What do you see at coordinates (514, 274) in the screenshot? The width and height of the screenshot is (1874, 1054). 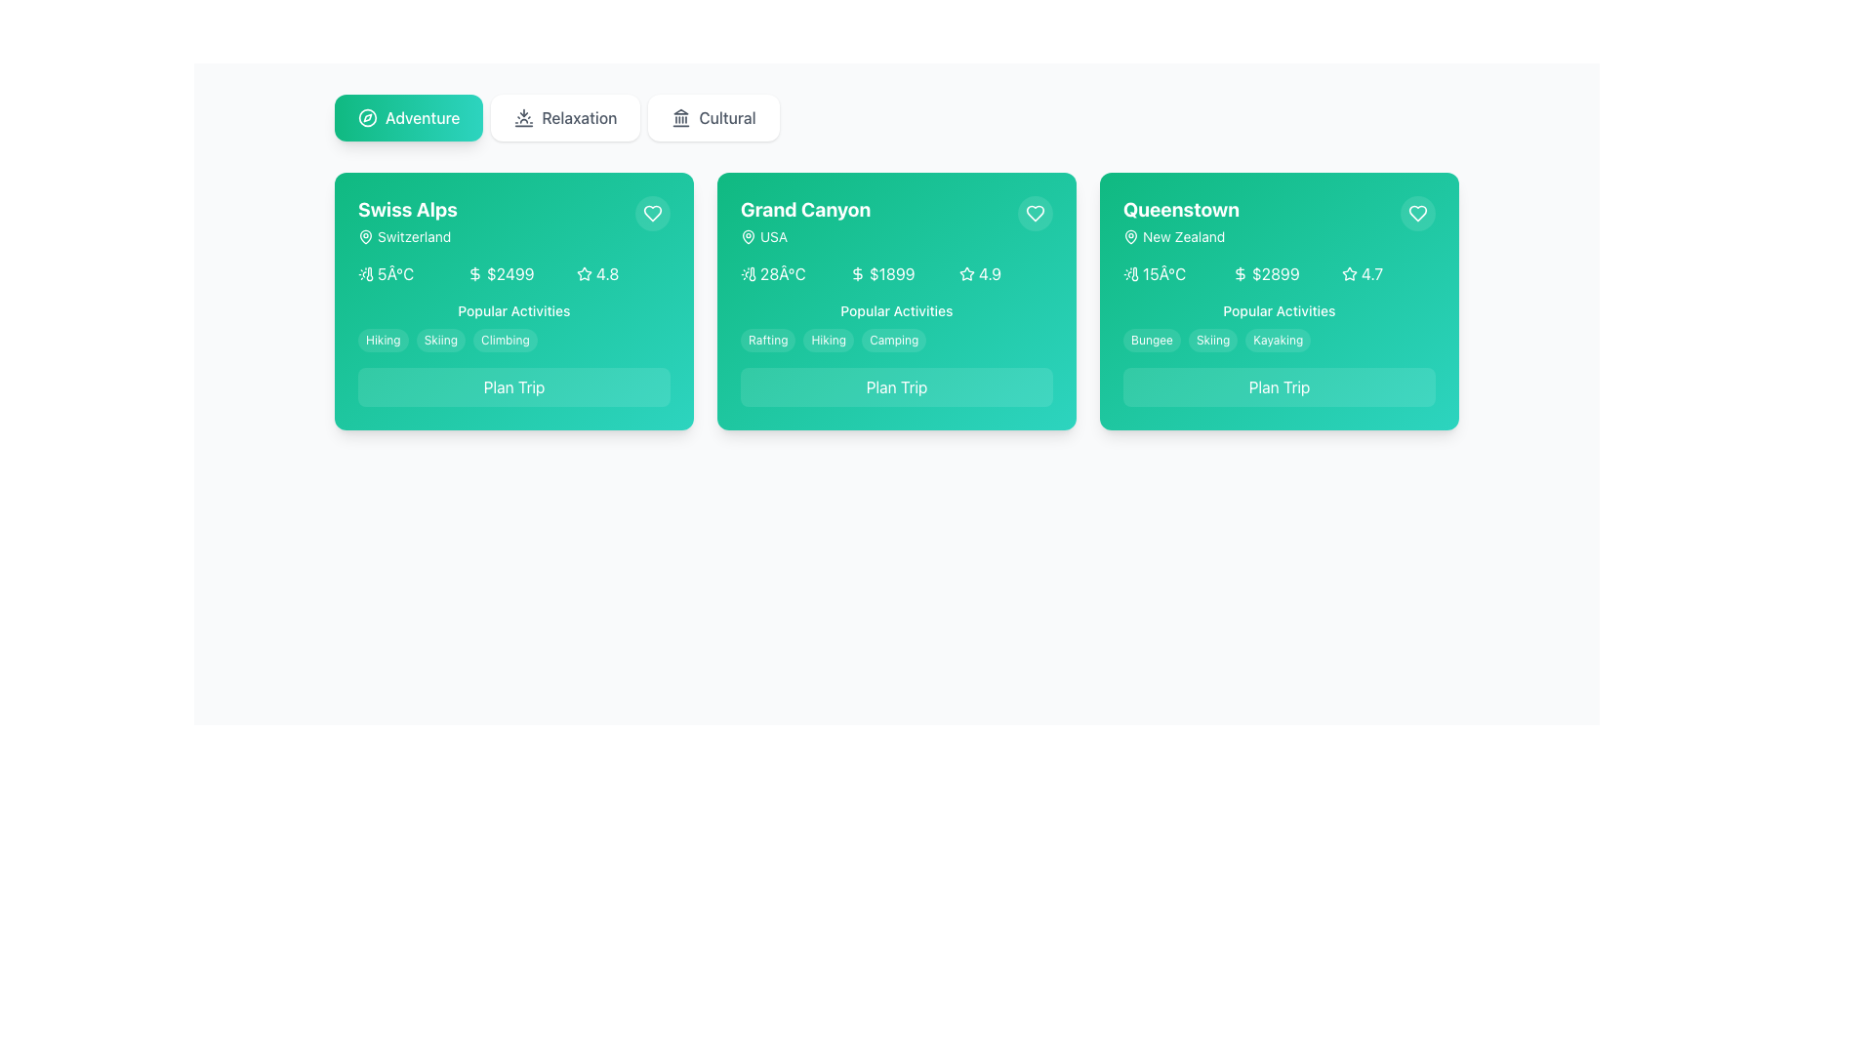 I see `the informational display component that shows the temperature, cost, and rating of the 'Swiss Alps' destination, located in the lower half of the card labeled 'Swiss Alps' within the 'Adventure' section` at bounding box center [514, 274].